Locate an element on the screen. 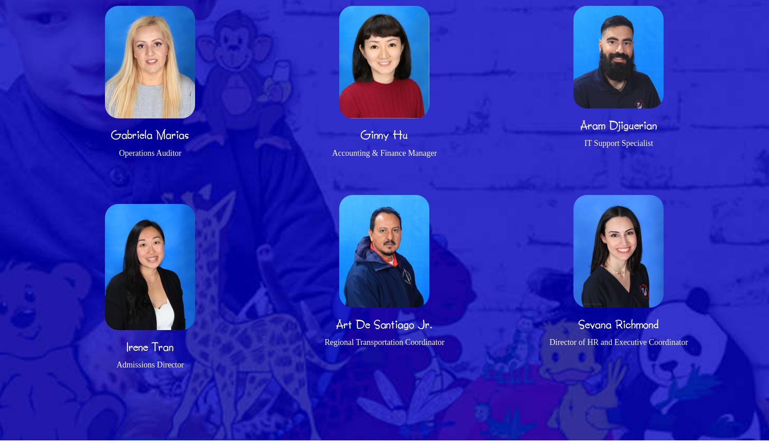 The image size is (769, 444). 'Art De Santiago Jr.' is located at coordinates (384, 323).